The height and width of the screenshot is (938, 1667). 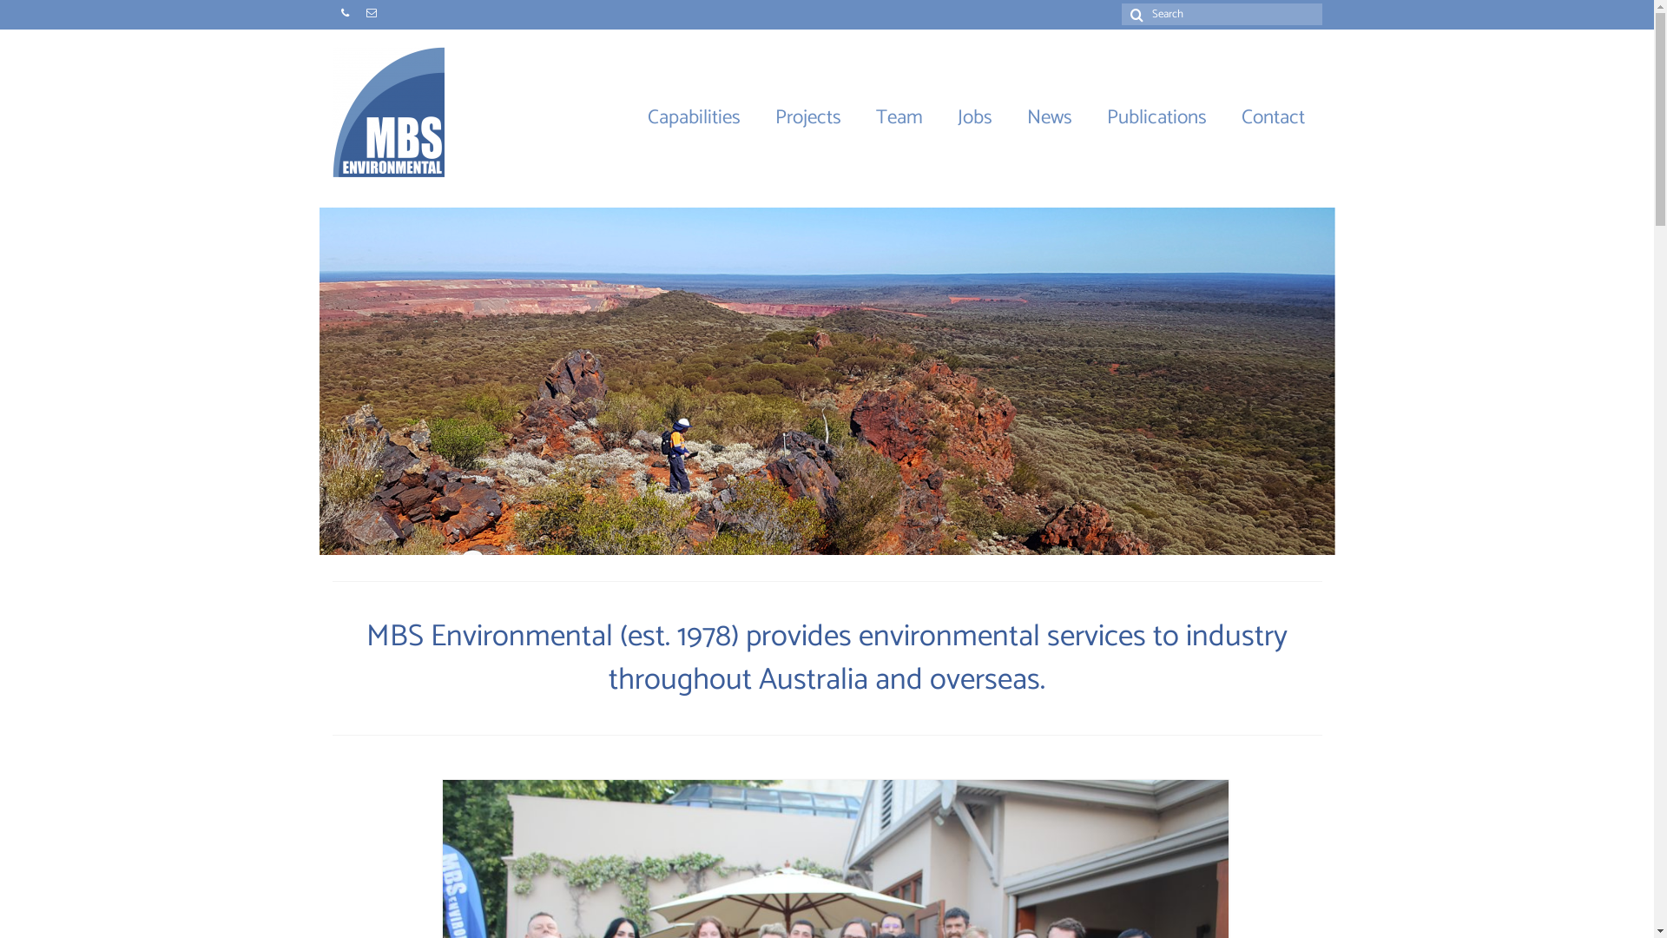 What do you see at coordinates (899, 117) in the screenshot?
I see `'Team'` at bounding box center [899, 117].